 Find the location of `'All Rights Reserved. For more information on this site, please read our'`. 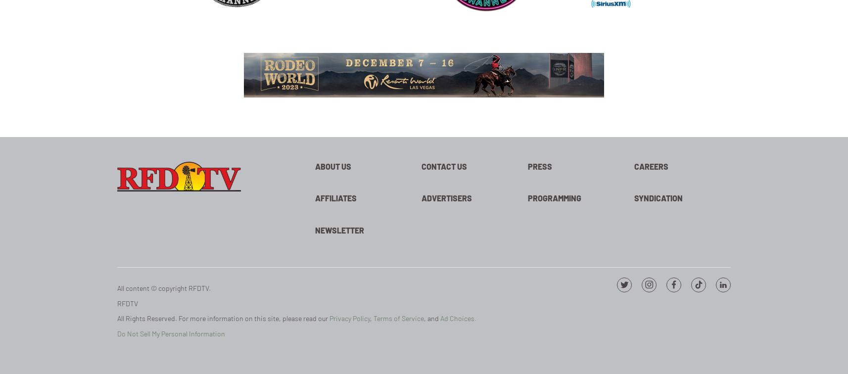

'All Rights Reserved. For more information on this site, please read our' is located at coordinates (223, 318).